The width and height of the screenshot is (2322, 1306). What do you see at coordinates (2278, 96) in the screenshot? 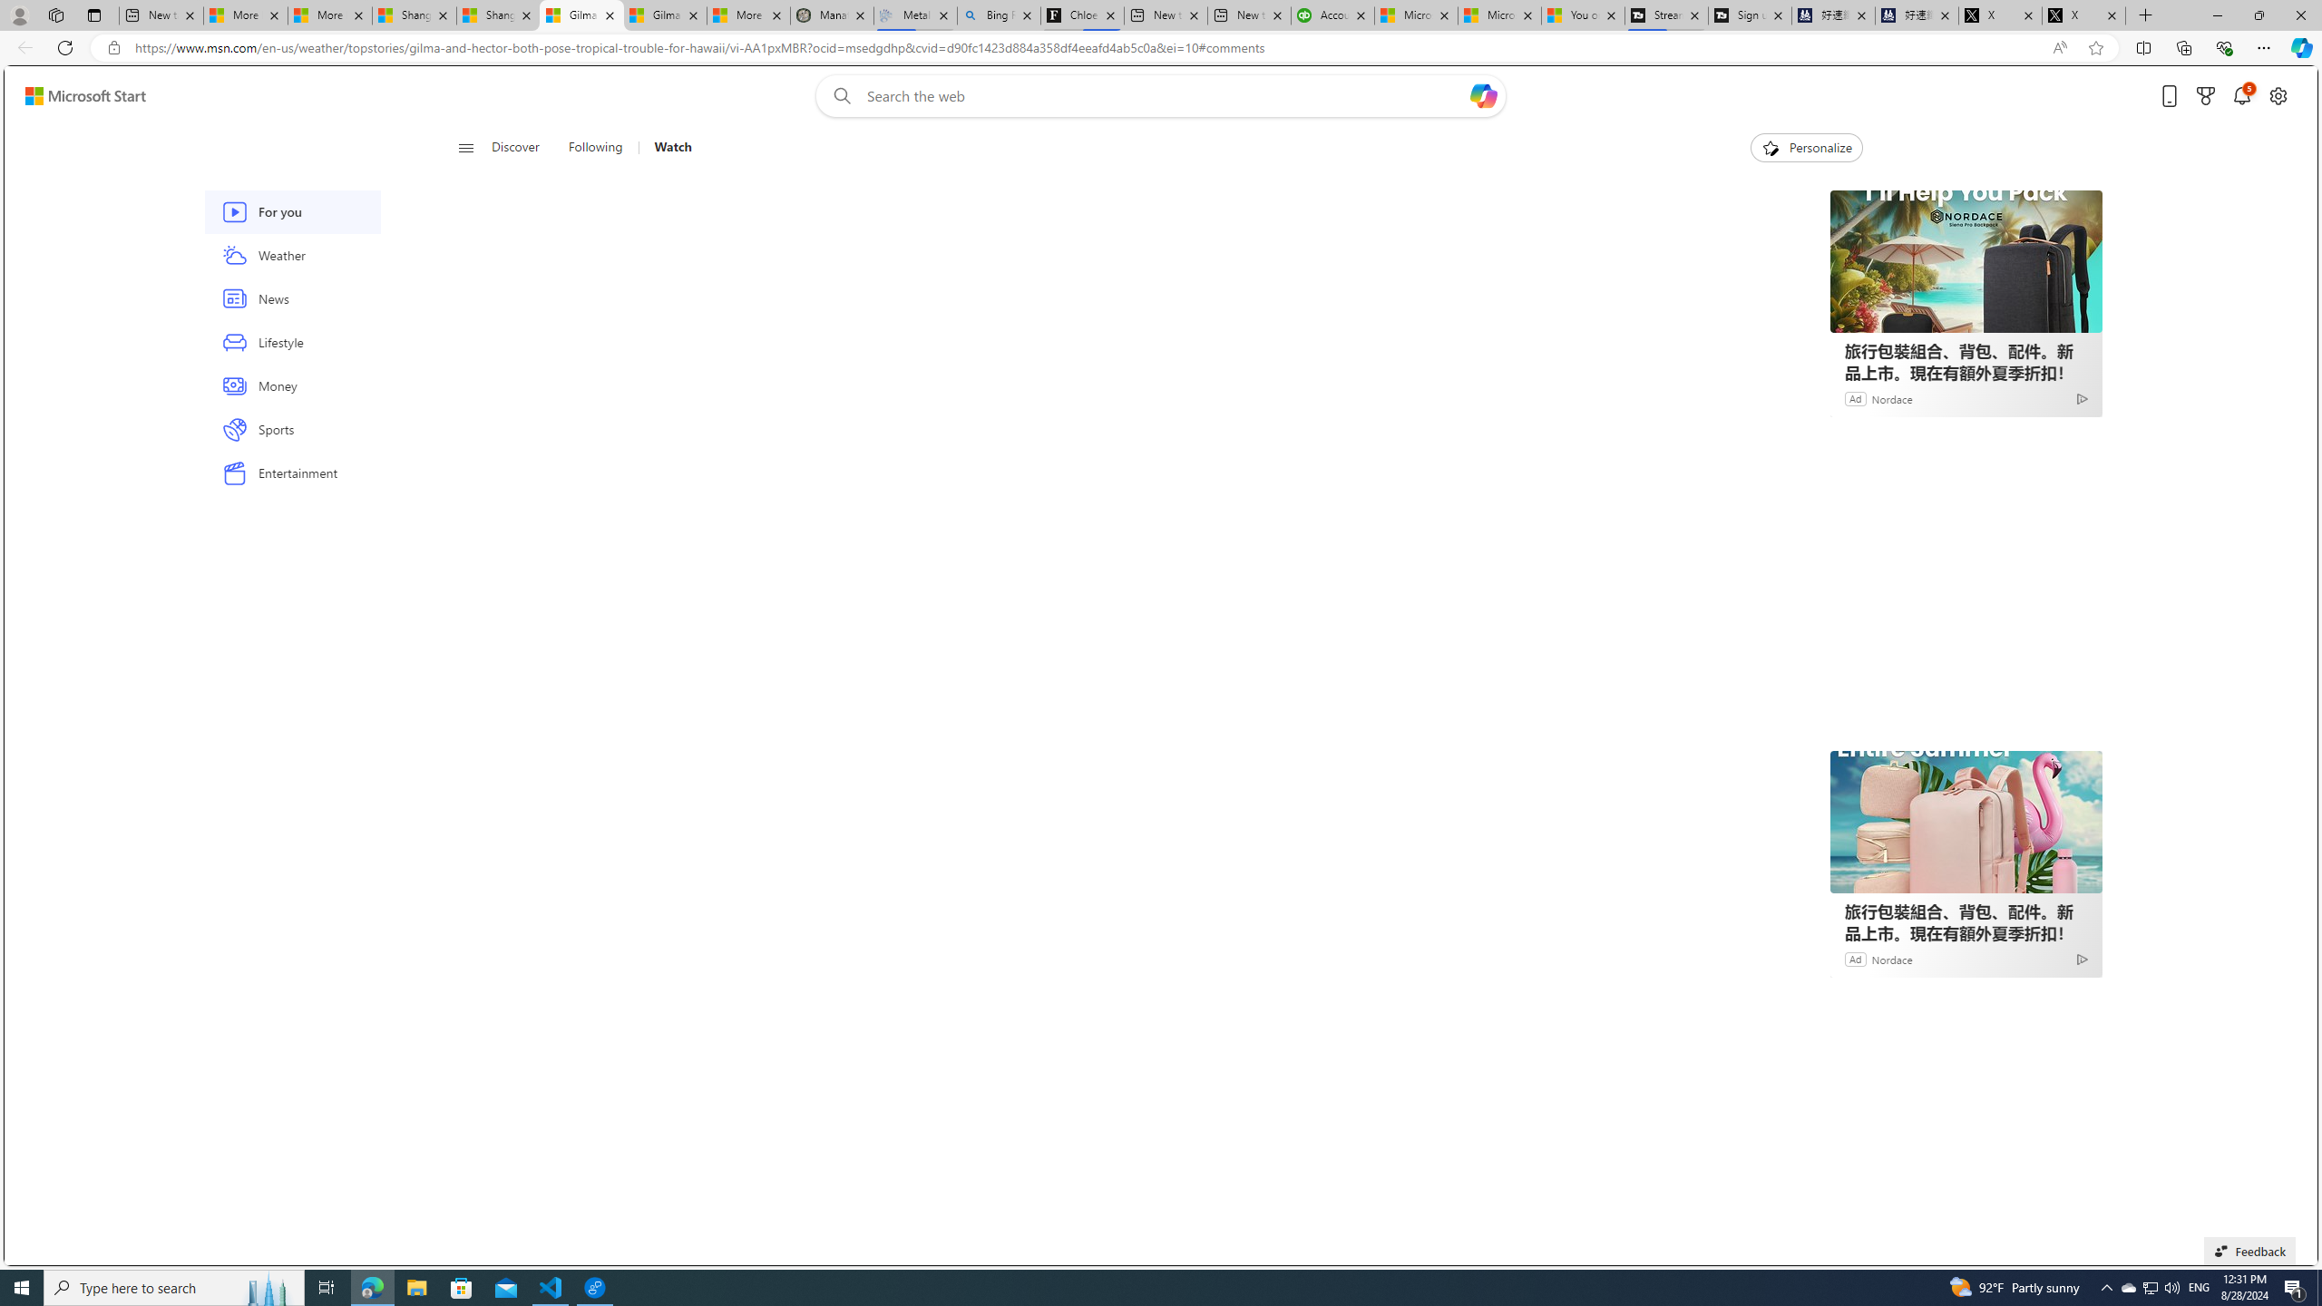
I see `'Open settings'` at bounding box center [2278, 96].